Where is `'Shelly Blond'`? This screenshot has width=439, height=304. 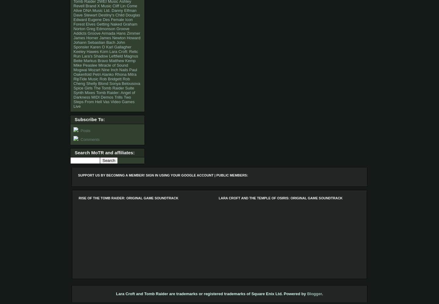
'Shelly Blond' is located at coordinates (85, 83).